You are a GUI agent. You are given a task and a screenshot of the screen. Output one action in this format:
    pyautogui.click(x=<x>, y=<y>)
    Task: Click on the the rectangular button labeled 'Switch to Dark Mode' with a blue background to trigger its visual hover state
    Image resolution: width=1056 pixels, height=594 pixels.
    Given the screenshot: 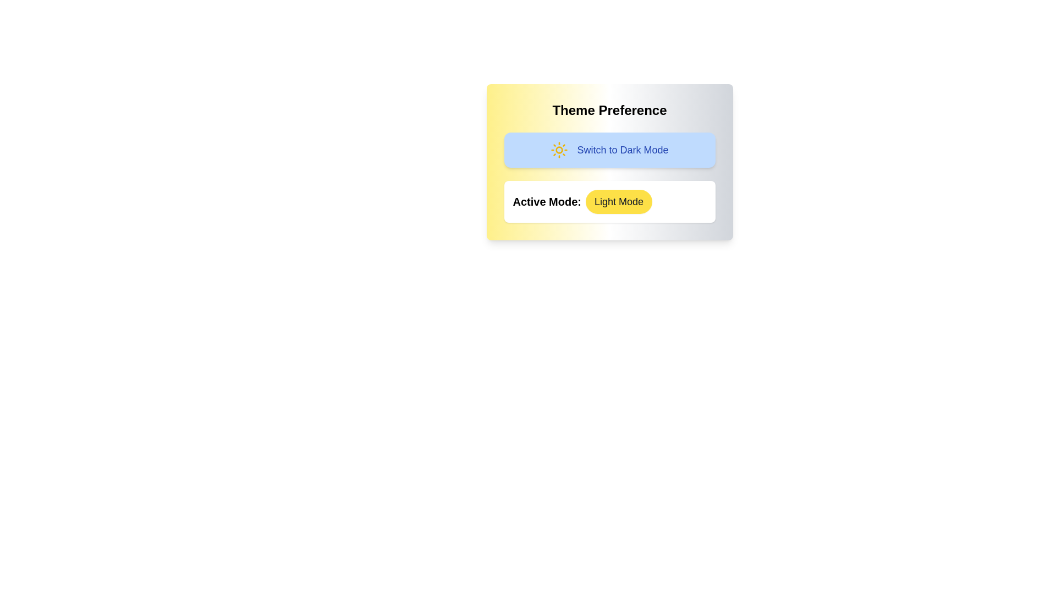 What is the action you would take?
    pyautogui.click(x=609, y=150)
    